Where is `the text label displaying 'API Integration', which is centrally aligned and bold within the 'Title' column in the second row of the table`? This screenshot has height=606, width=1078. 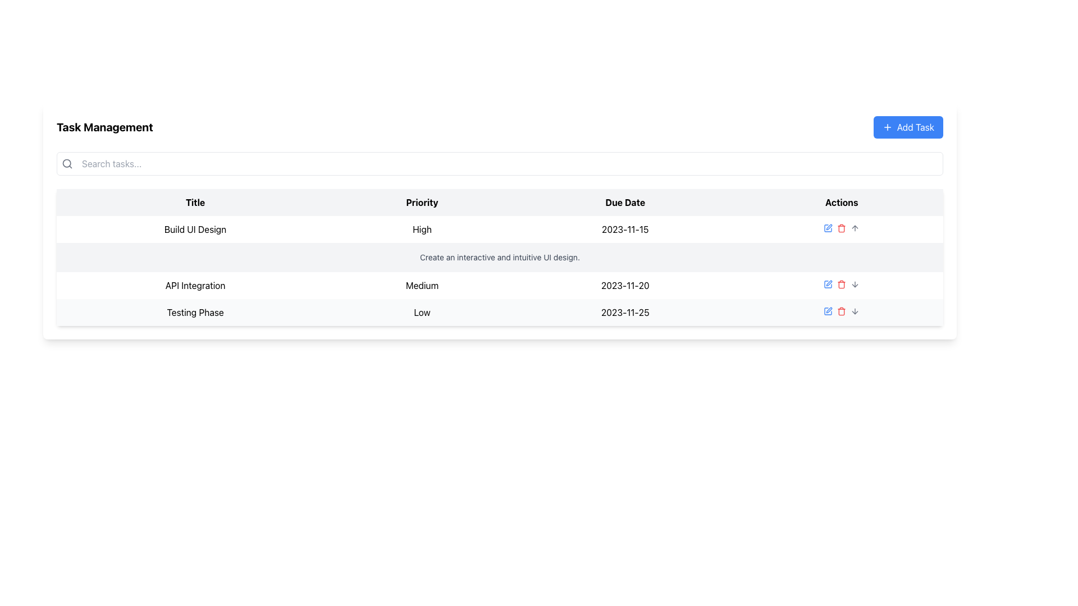
the text label displaying 'API Integration', which is centrally aligned and bold within the 'Title' column in the second row of the table is located at coordinates (195, 285).